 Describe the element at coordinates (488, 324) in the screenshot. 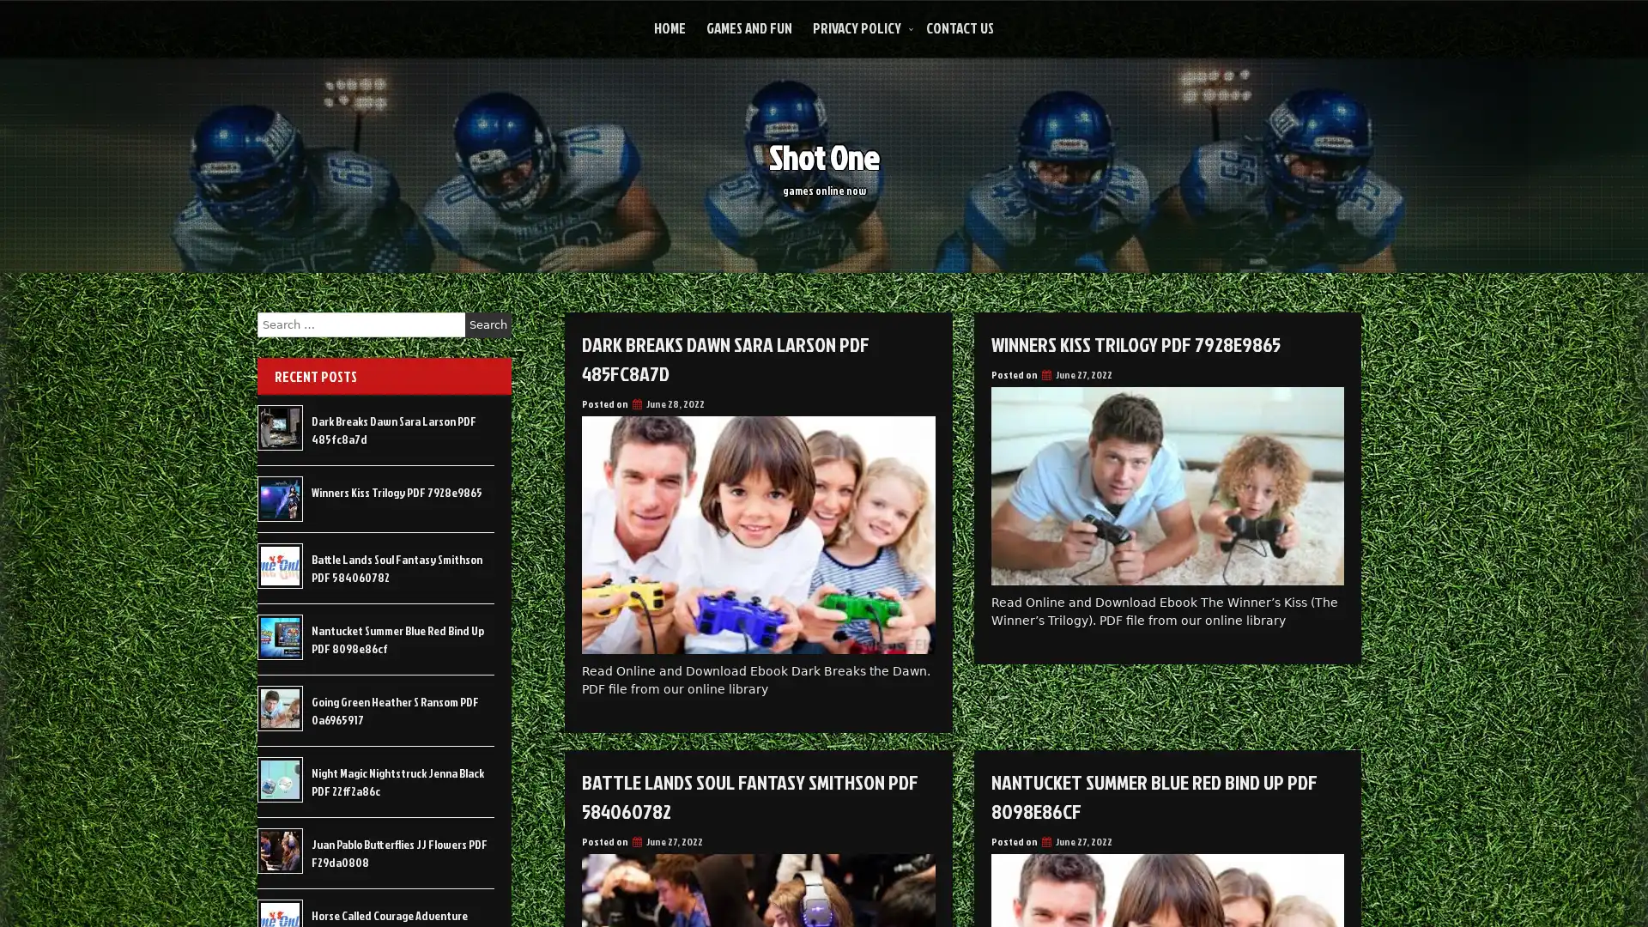

I see `Search` at that location.